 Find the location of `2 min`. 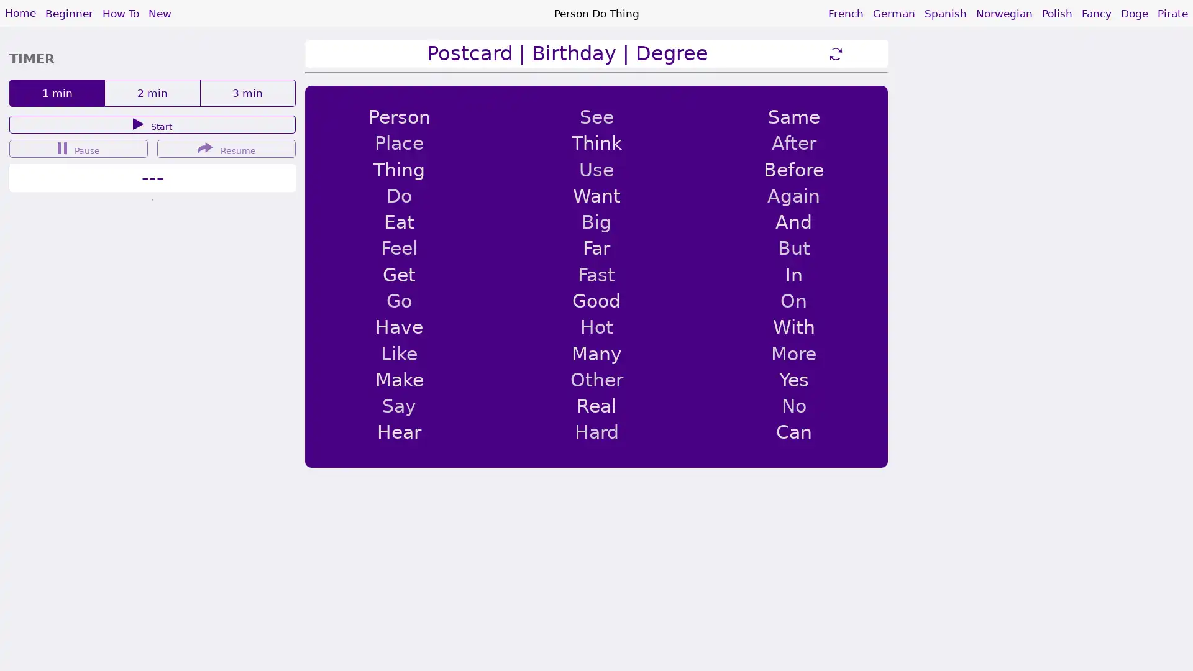

2 min is located at coordinates (152, 93).